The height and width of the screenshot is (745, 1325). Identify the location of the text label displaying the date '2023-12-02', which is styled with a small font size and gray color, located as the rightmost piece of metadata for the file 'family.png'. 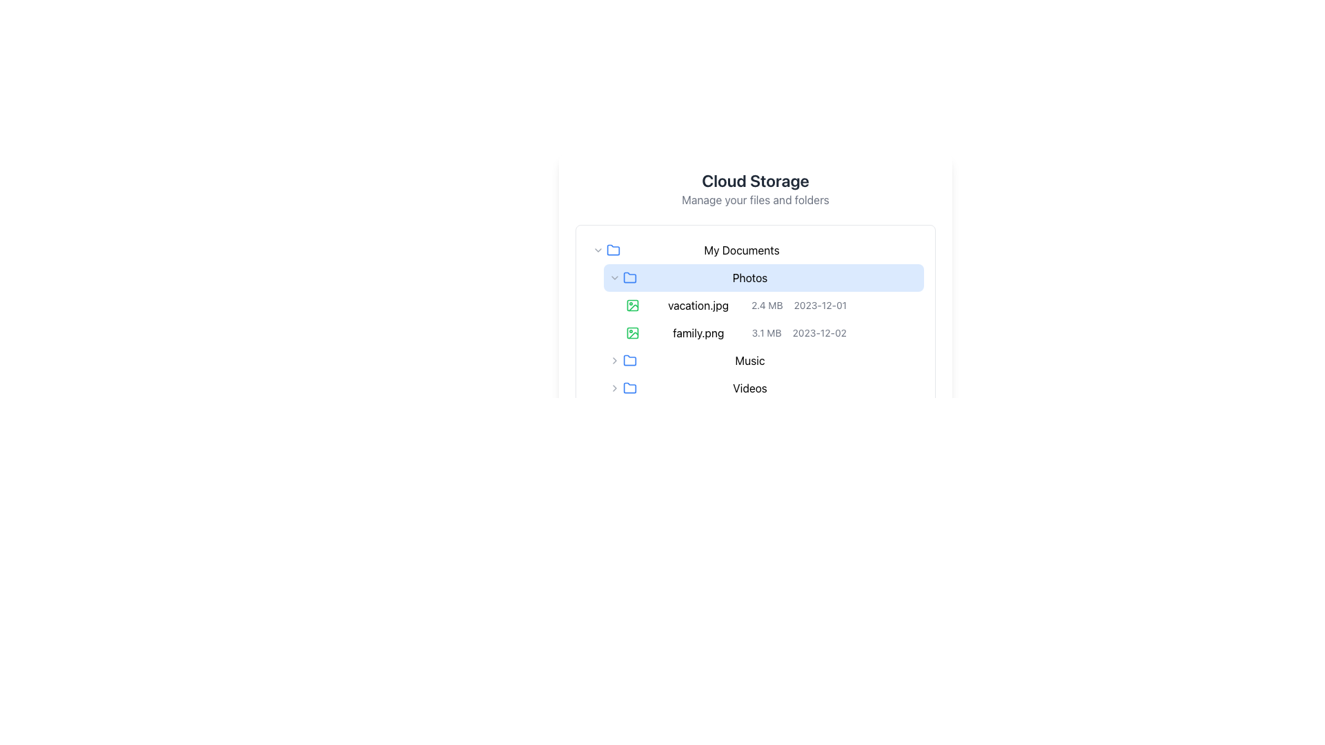
(819, 332).